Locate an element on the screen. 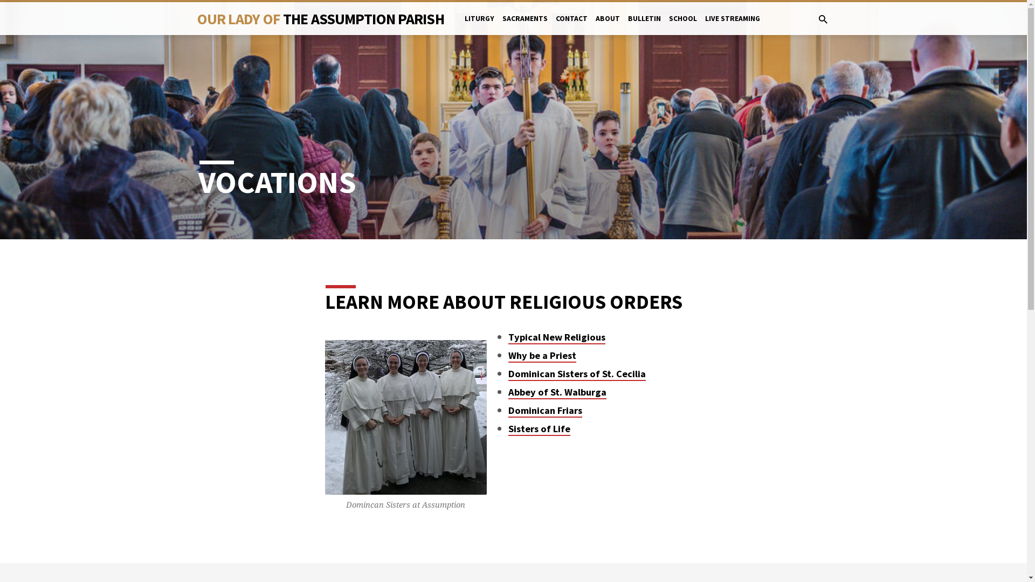 The width and height of the screenshot is (1035, 582). 'BULLETIN' is located at coordinates (644, 25).